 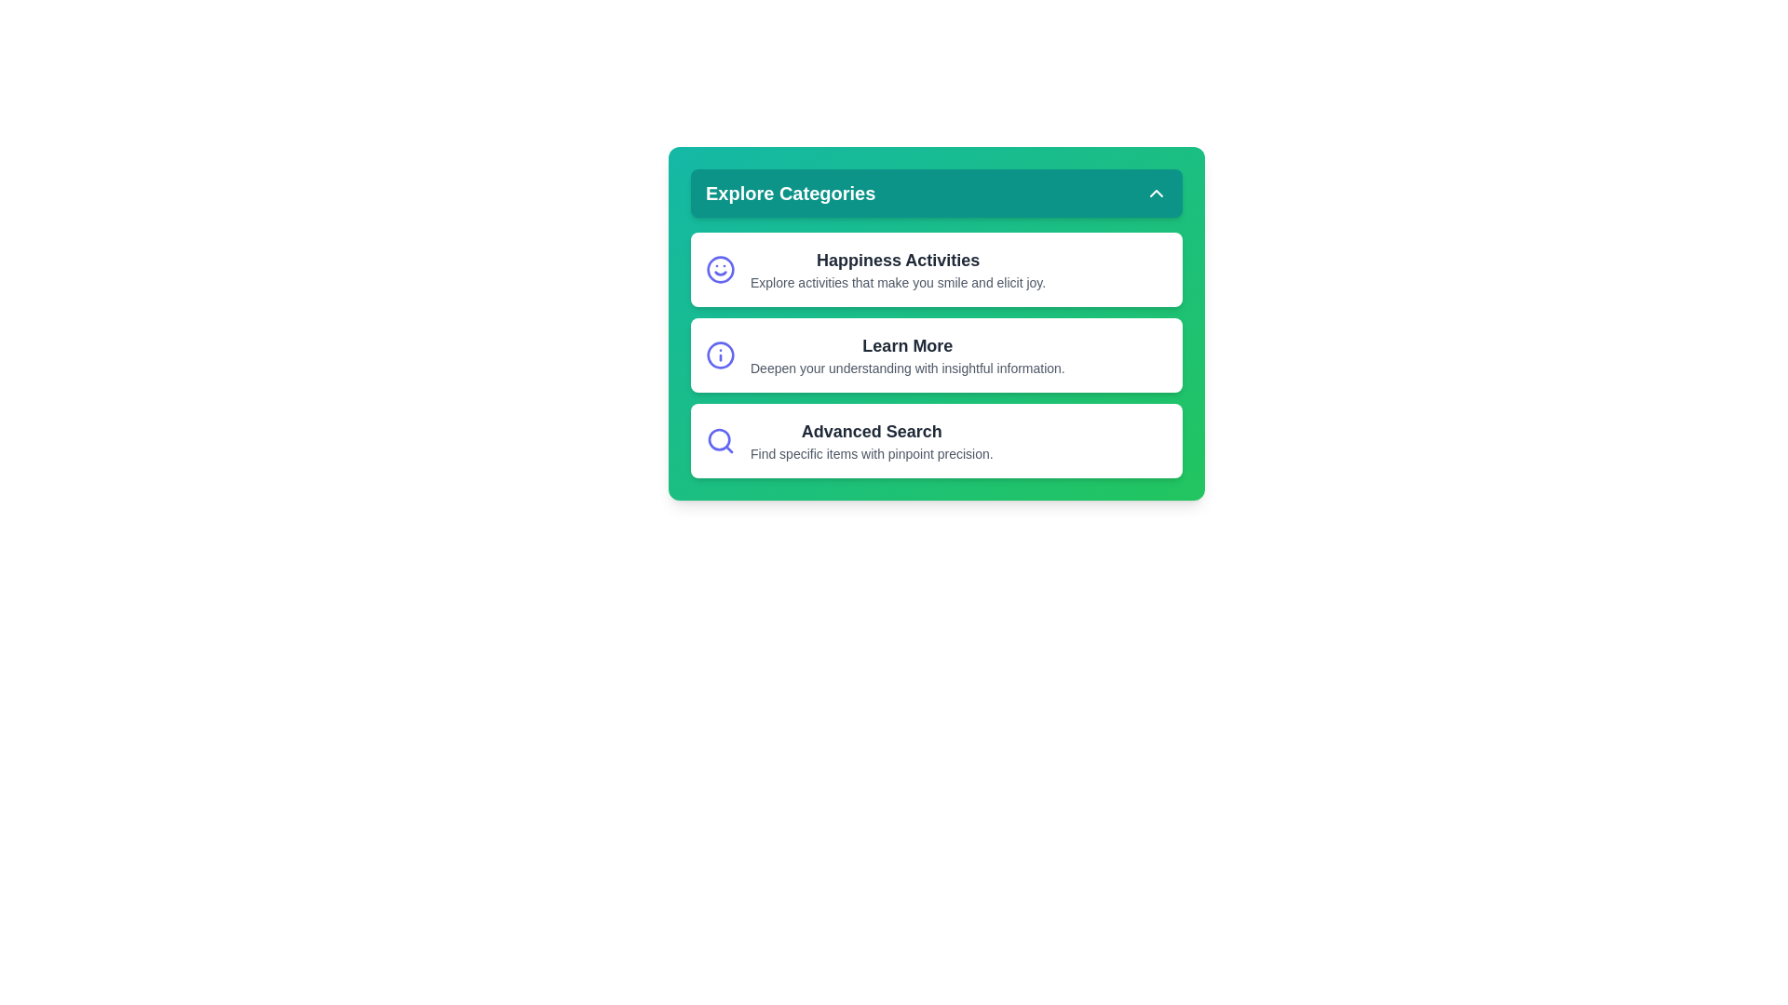 I want to click on the icon next to the category label Advanced Search, so click(x=719, y=441).